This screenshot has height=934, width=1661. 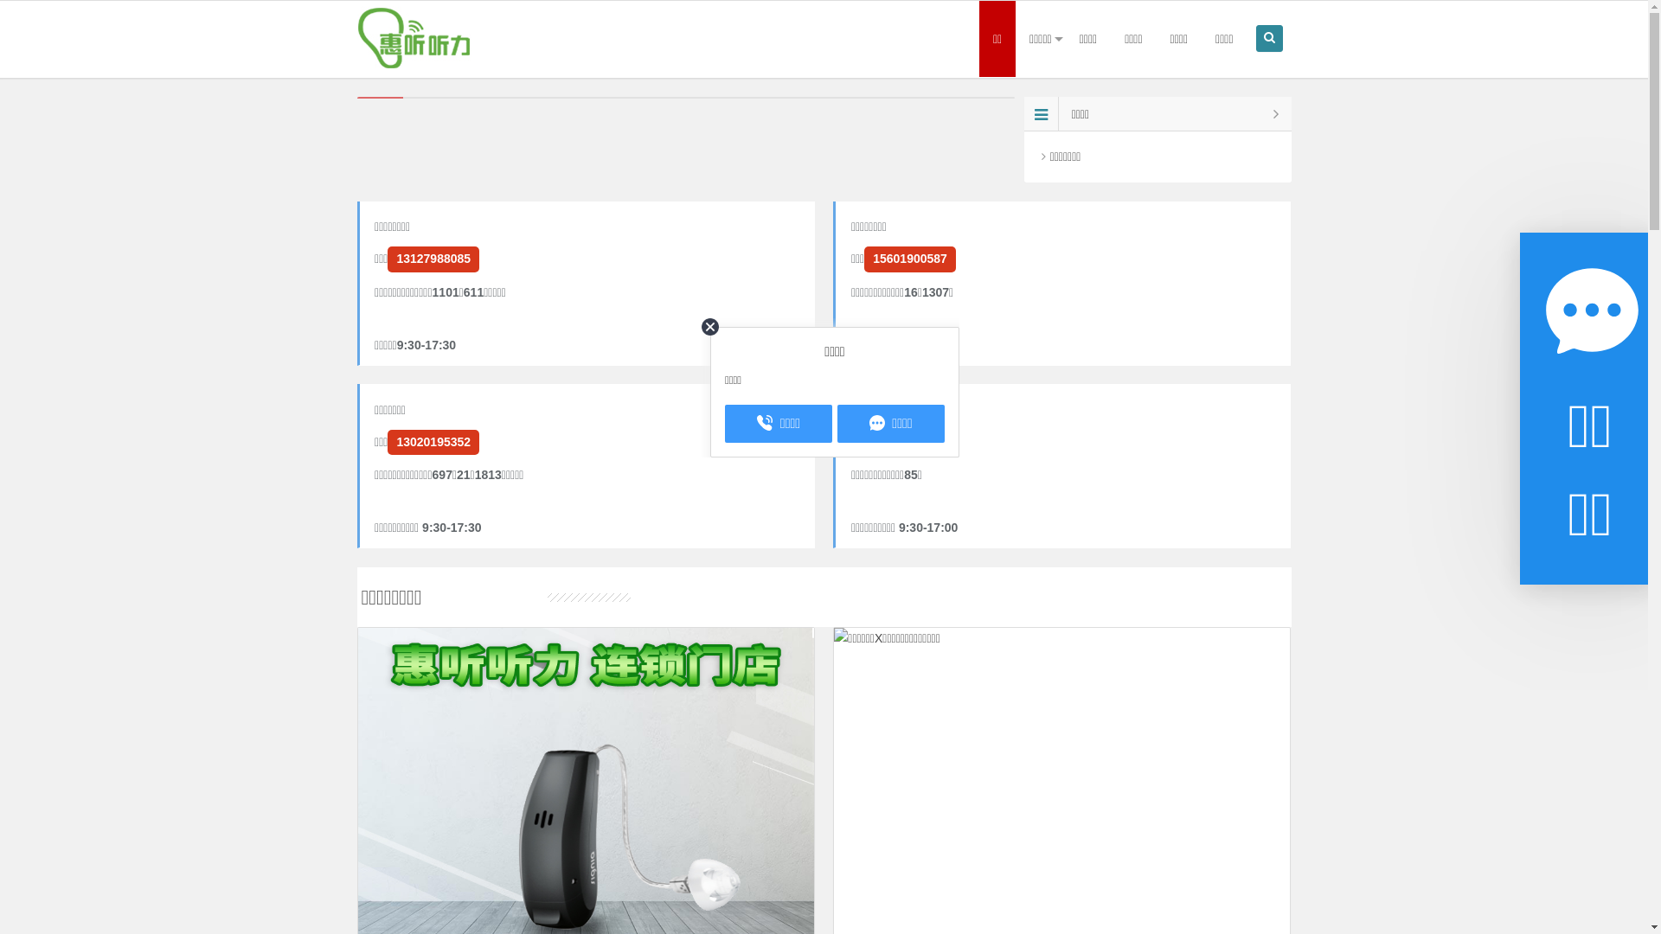 What do you see at coordinates (908, 441) in the screenshot?
I see `'13020151990'` at bounding box center [908, 441].